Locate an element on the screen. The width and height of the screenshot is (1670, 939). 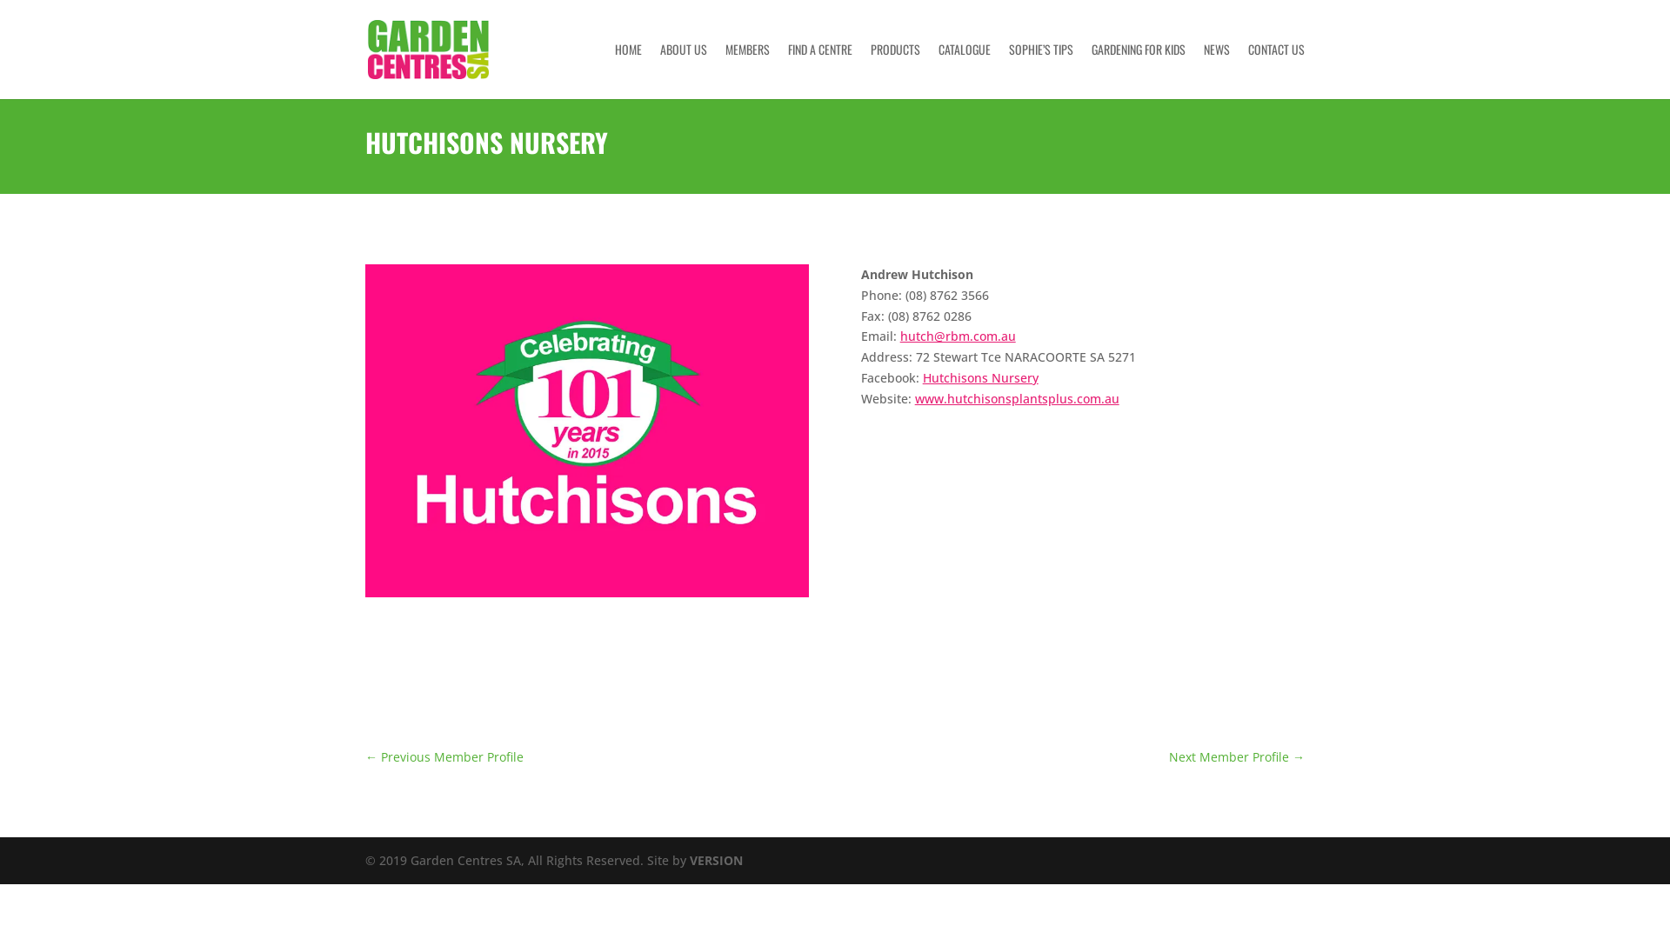
'www.hutchisonsplantsplus.com.au' is located at coordinates (1017, 398).